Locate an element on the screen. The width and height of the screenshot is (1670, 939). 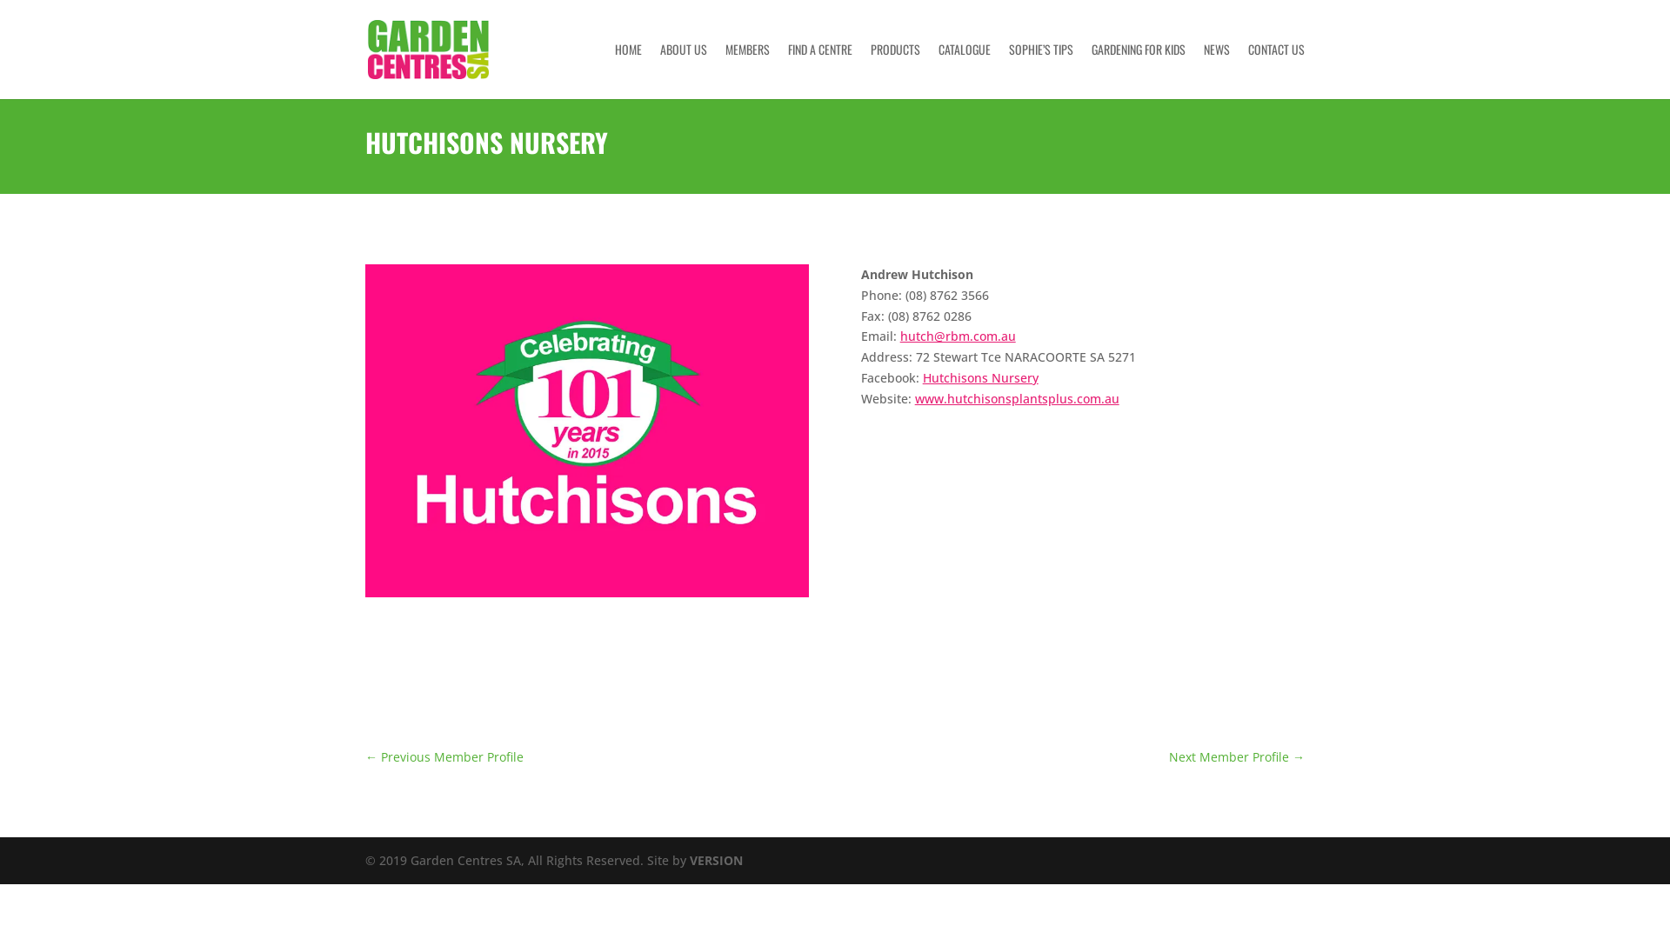
'www.hutchisonsplantsplus.com.au' is located at coordinates (1017, 398).